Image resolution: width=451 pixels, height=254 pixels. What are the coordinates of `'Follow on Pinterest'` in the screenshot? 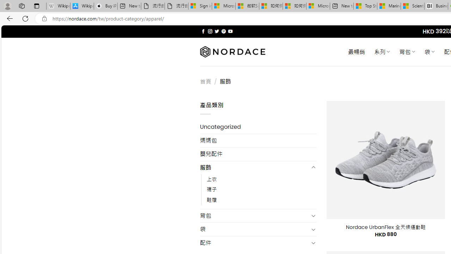 It's located at (223, 31).